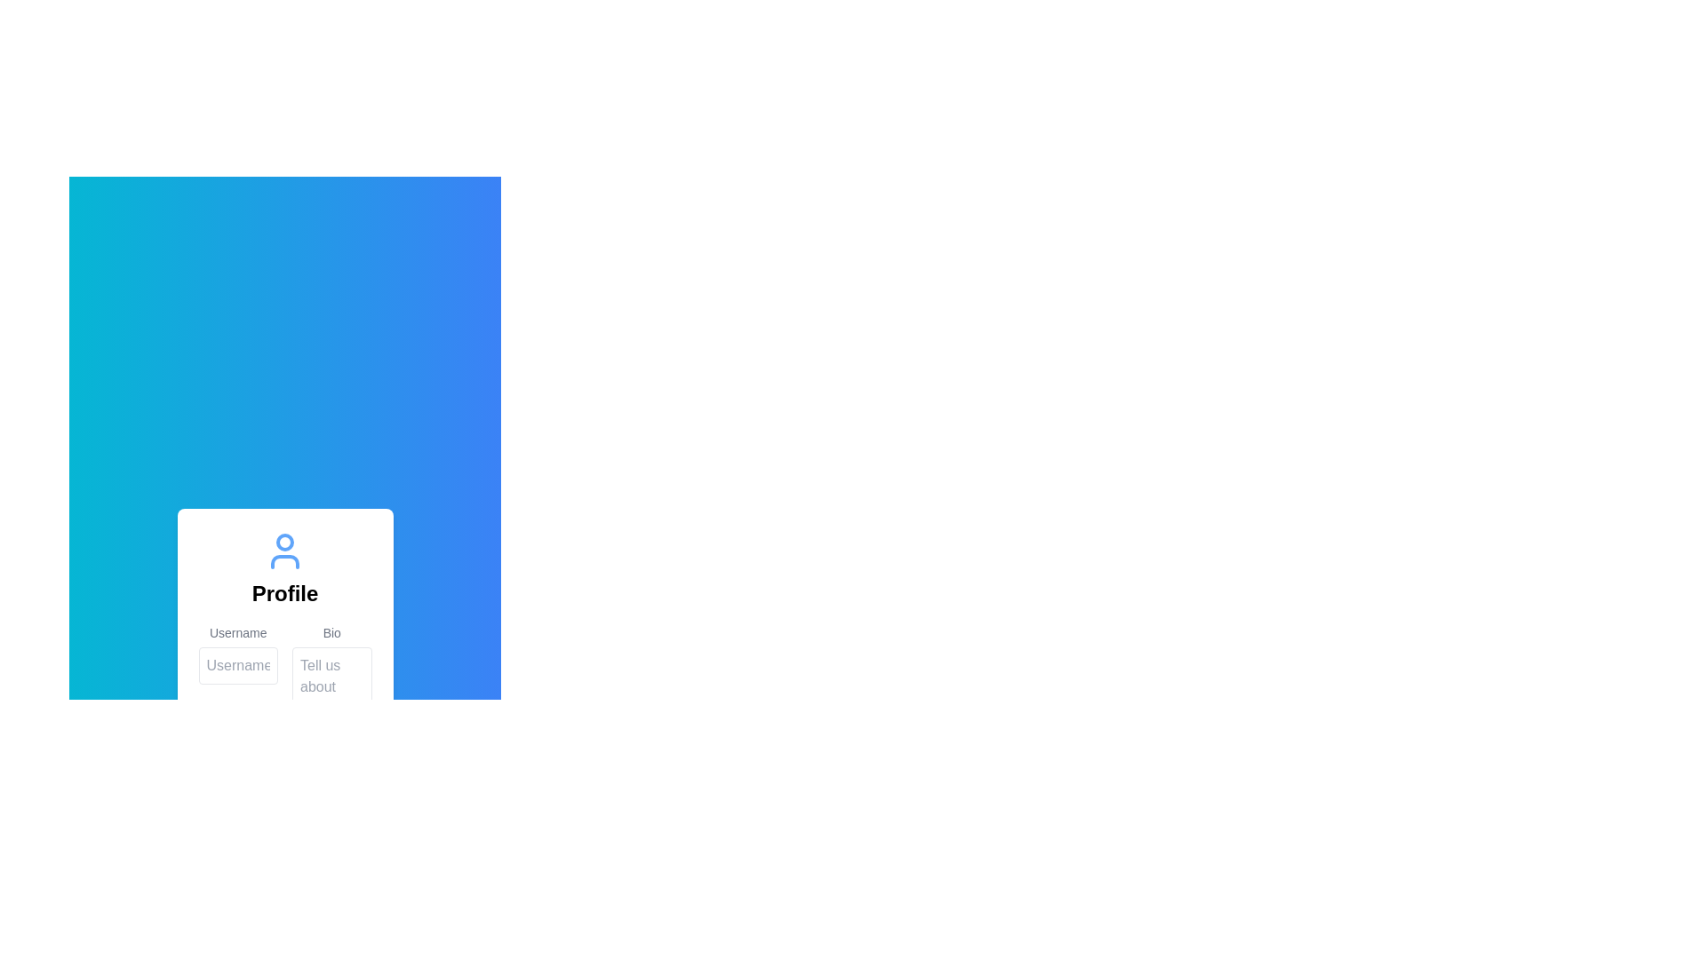 The height and width of the screenshot is (959, 1706). Describe the element at coordinates (237, 678) in the screenshot. I see `the 'Username' text input field located in the 'Profile' section of the UI` at that location.